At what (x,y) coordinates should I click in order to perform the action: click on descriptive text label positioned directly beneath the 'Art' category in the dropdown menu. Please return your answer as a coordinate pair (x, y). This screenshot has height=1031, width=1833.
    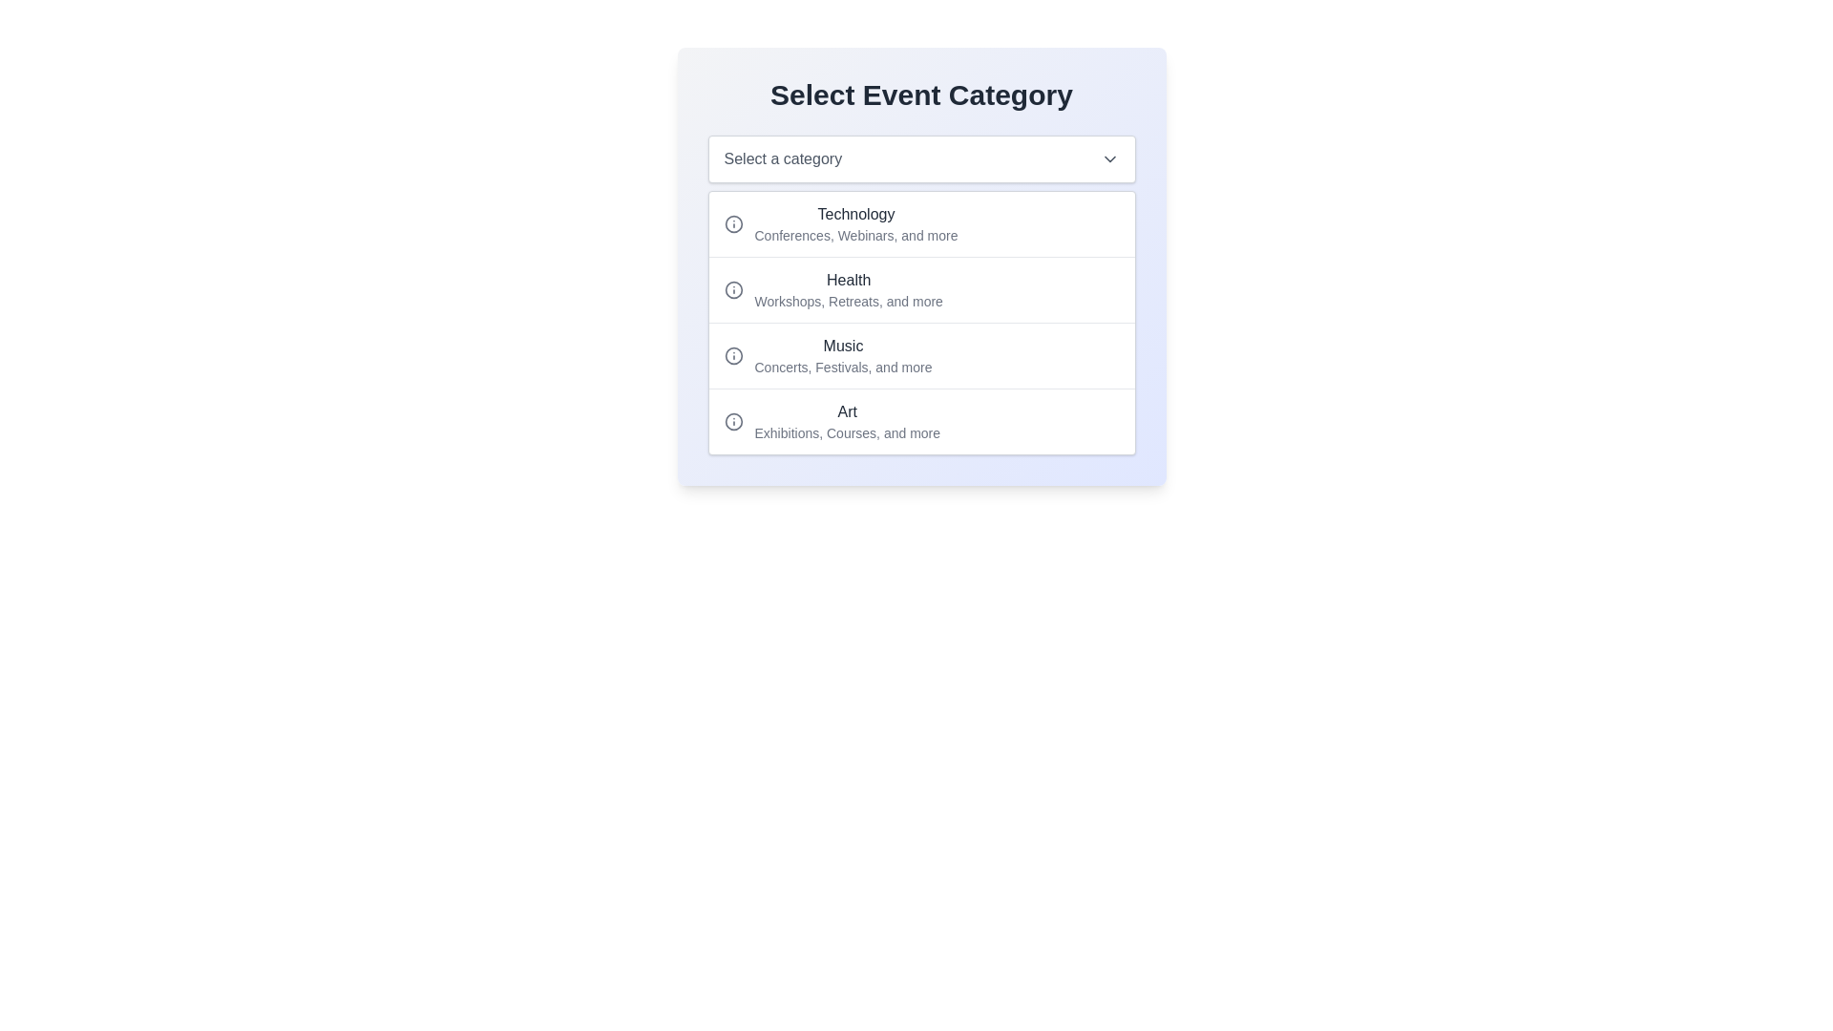
    Looking at the image, I should click on (846, 433).